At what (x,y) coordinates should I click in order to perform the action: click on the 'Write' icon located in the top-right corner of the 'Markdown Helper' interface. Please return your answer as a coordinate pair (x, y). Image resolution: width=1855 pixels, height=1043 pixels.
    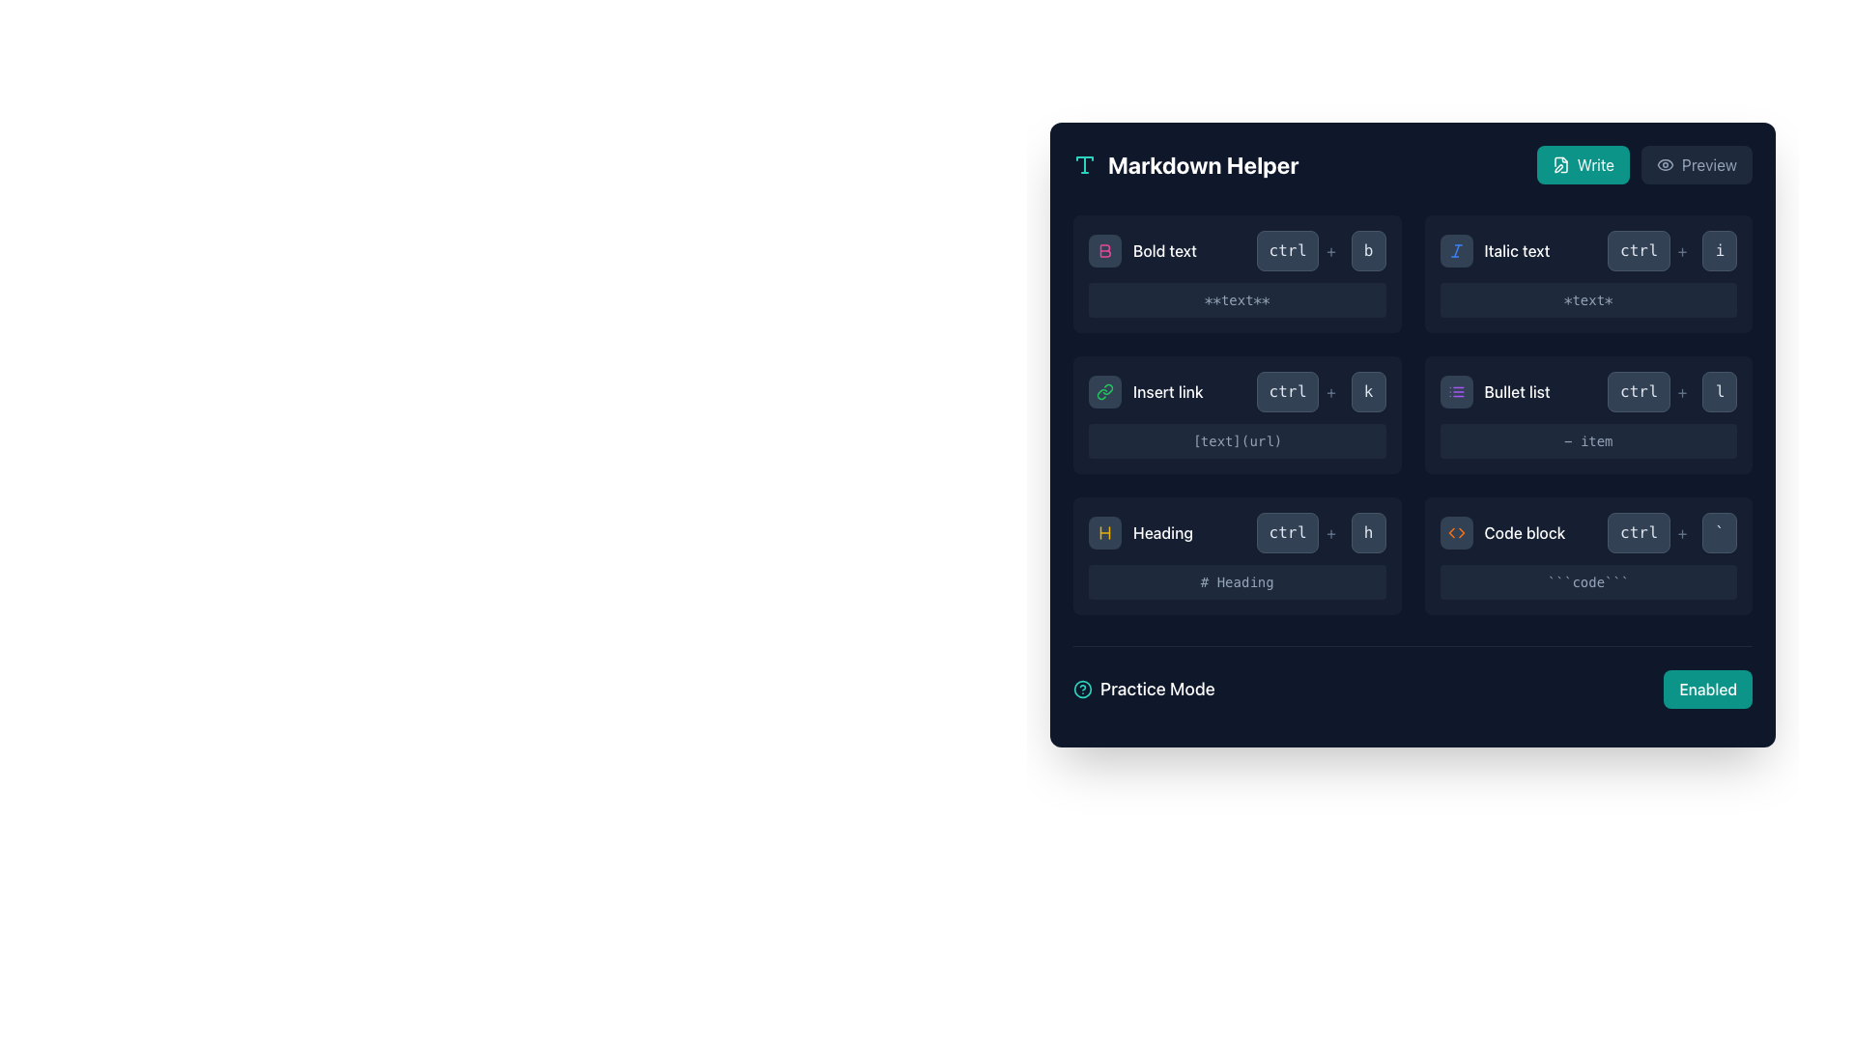
    Looking at the image, I should click on (1560, 163).